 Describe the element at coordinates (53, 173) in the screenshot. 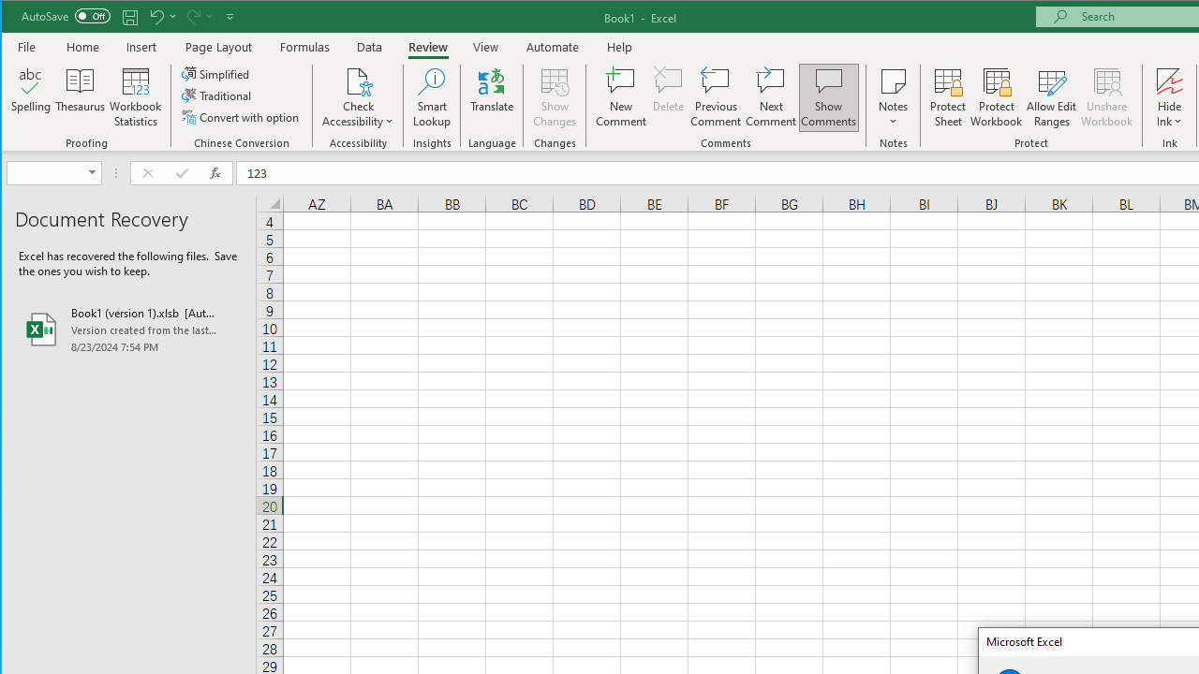

I see `'Name Box'` at that location.